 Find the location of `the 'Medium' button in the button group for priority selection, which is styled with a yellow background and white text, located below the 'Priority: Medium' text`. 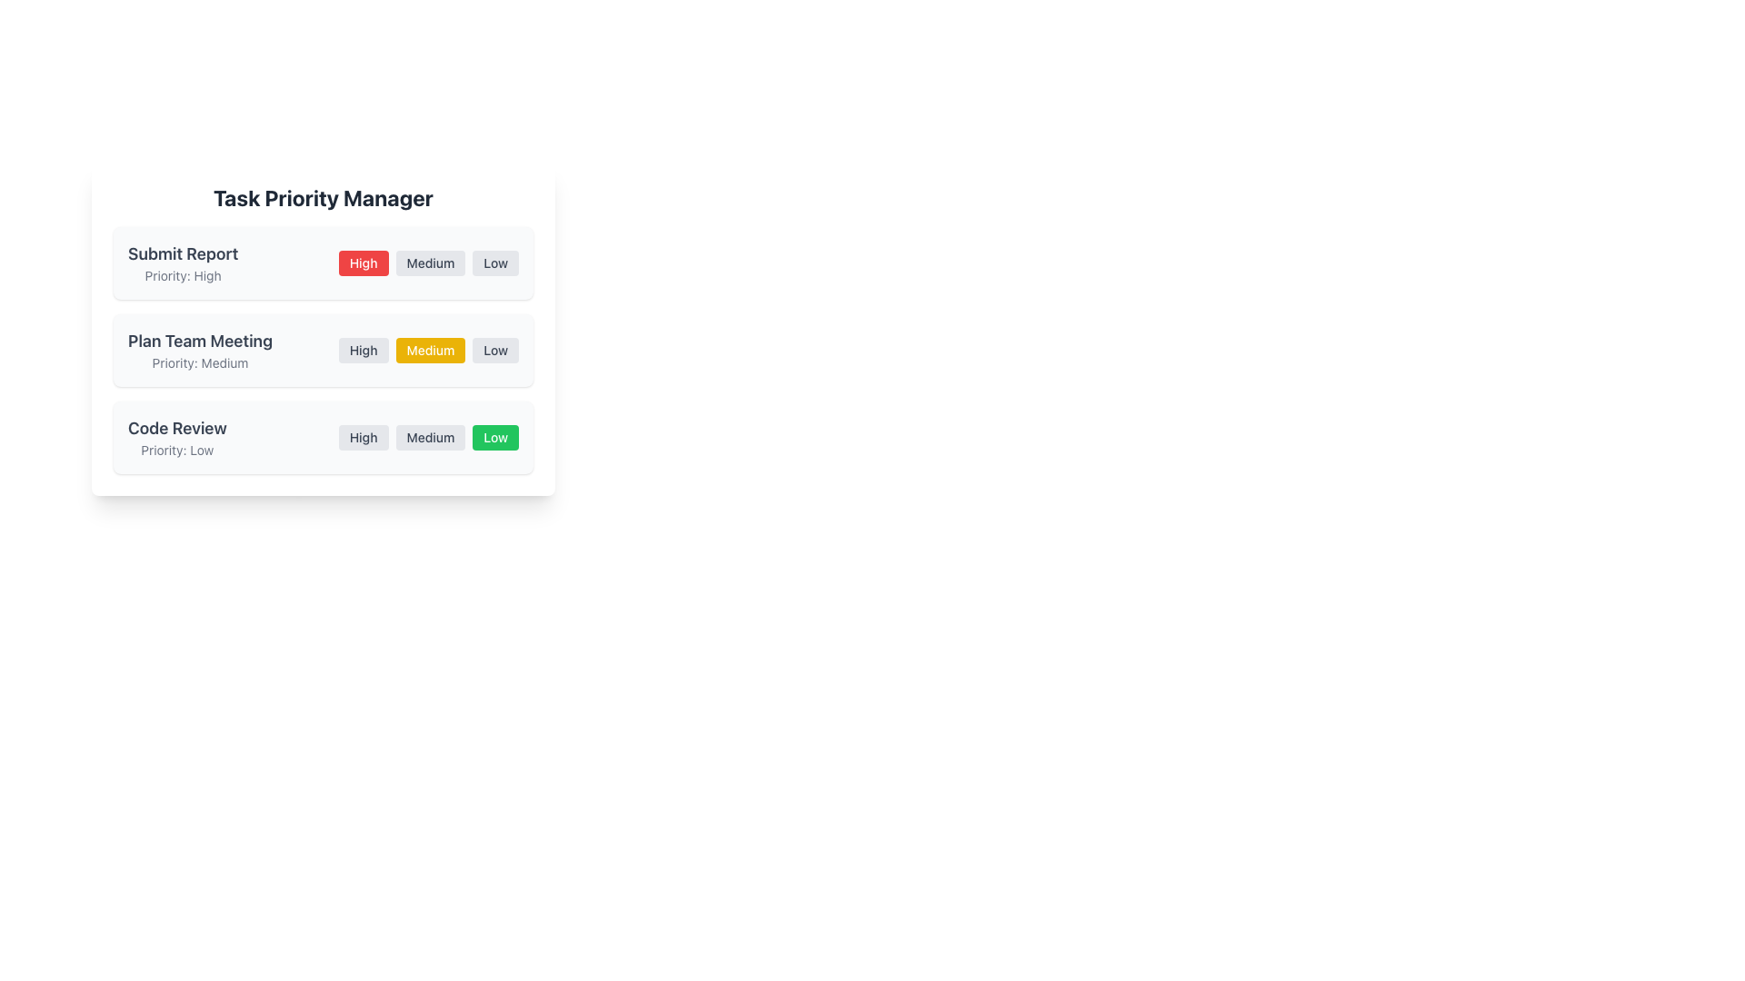

the 'Medium' button in the button group for priority selection, which is styled with a yellow background and white text, located below the 'Priority: Medium' text is located at coordinates (427, 350).